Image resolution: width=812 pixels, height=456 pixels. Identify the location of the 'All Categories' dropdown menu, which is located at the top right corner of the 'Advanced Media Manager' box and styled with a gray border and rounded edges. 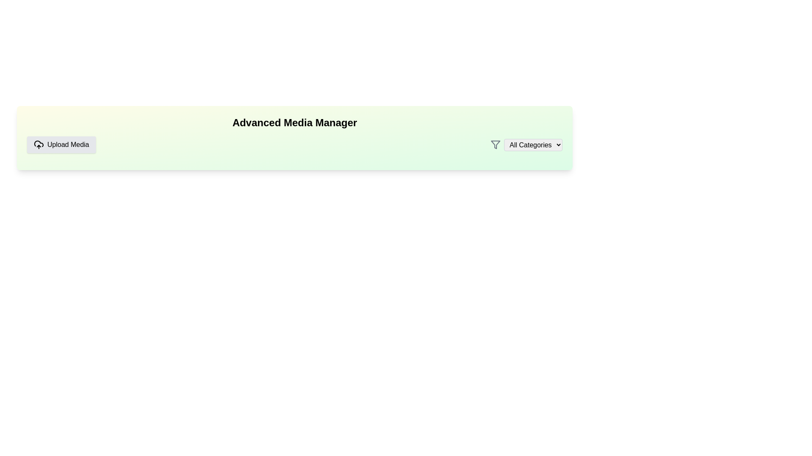
(526, 144).